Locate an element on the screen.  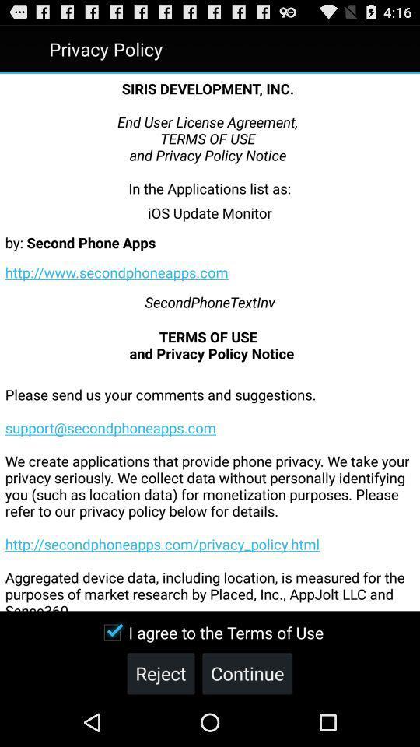
the icon above the i agree to icon is located at coordinates (210, 486).